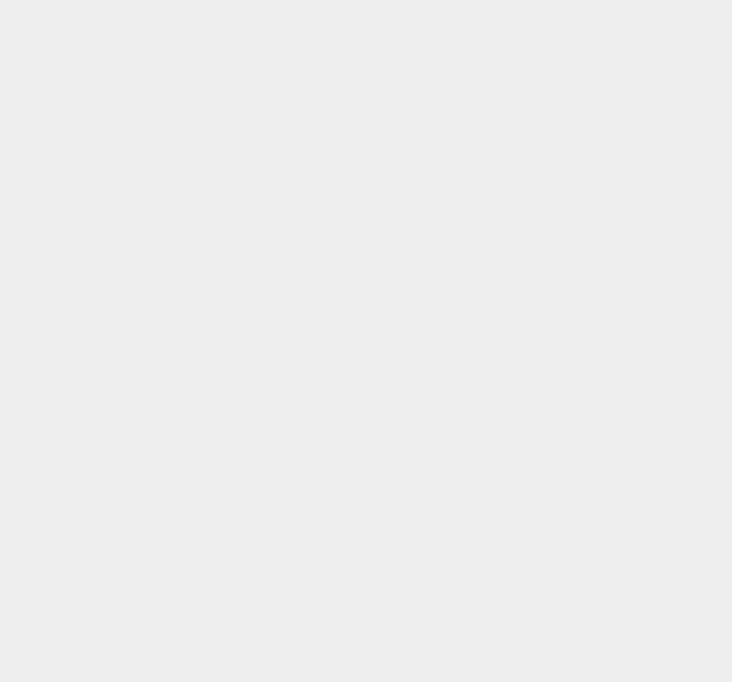 The height and width of the screenshot is (682, 732). I want to click on 'PUBG', so click(528, 434).